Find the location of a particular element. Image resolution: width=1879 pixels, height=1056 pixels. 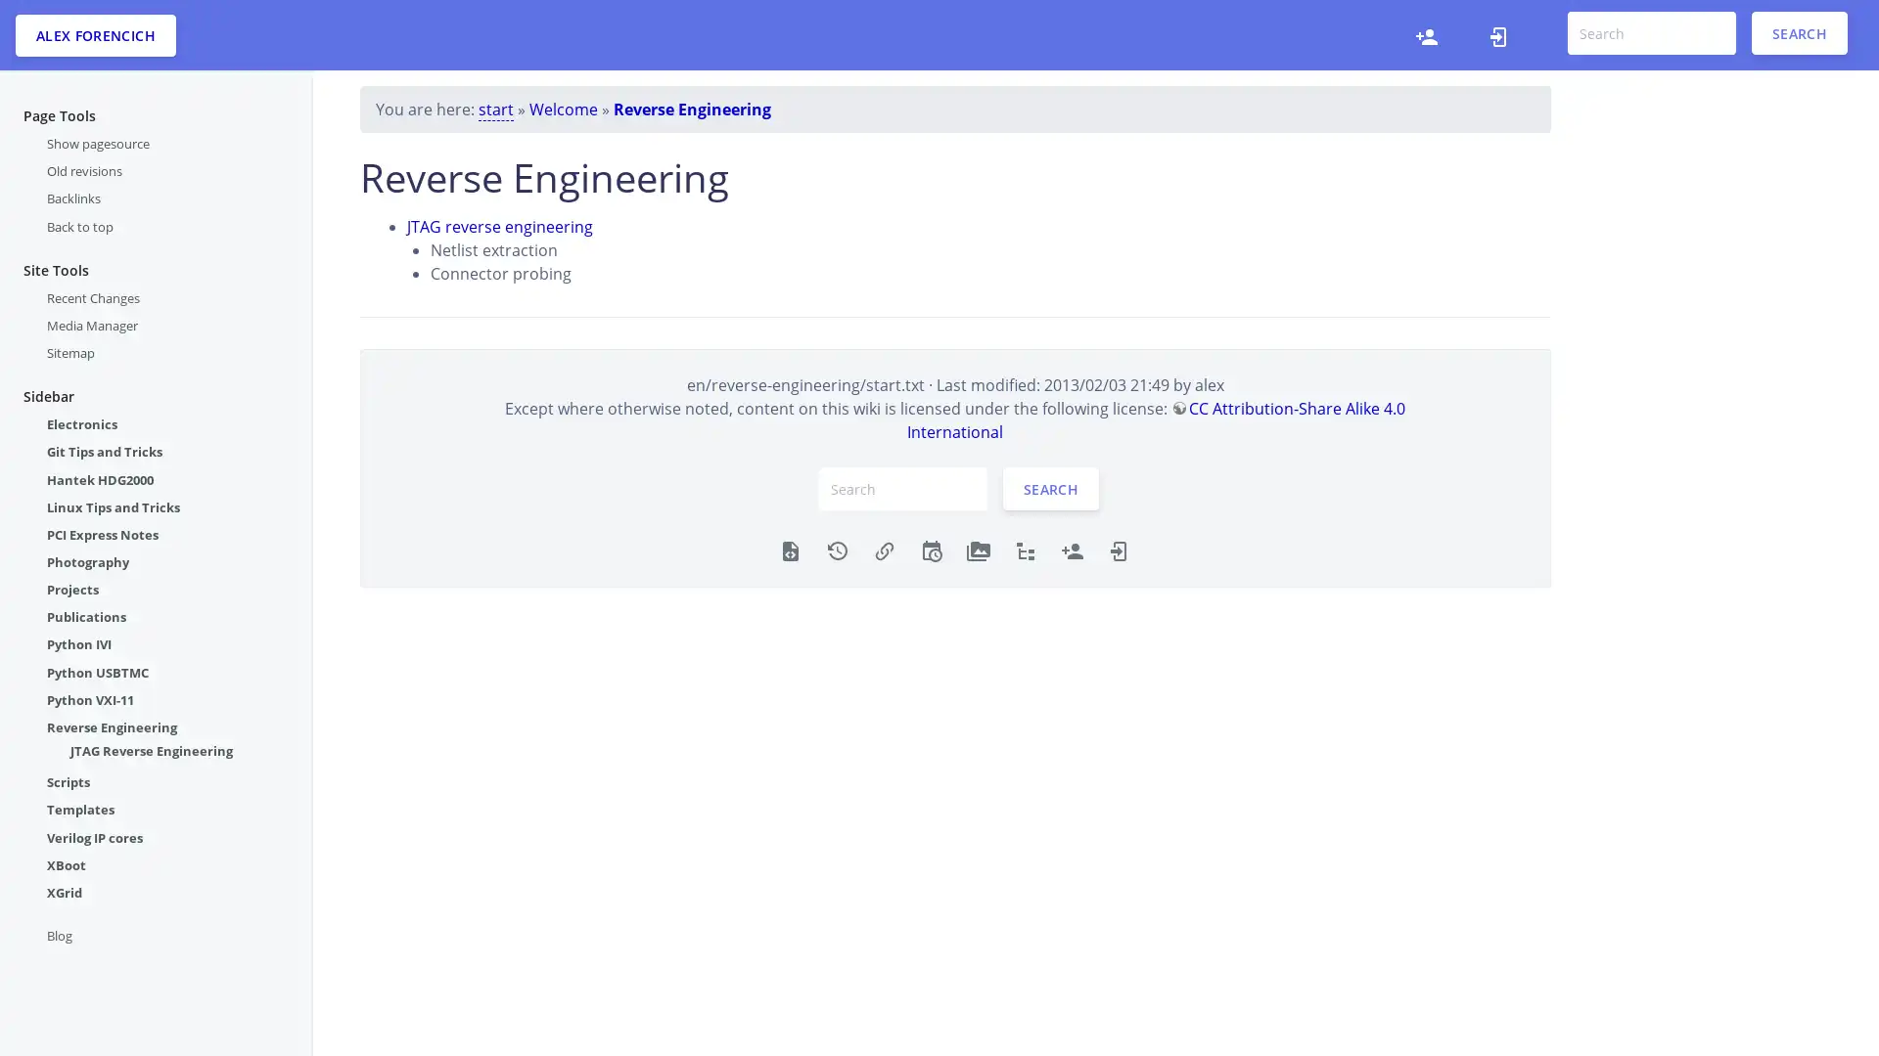

SEARCH is located at coordinates (1050, 488).